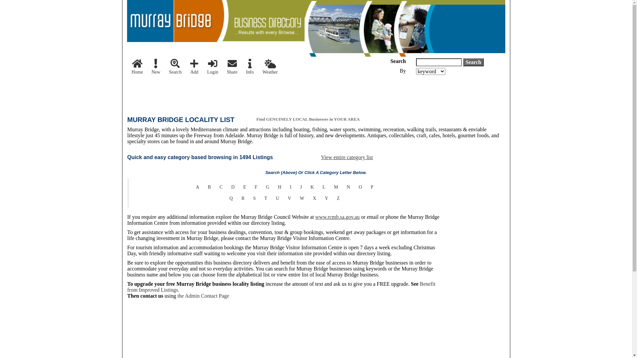  I want to click on 'B', so click(209, 187).